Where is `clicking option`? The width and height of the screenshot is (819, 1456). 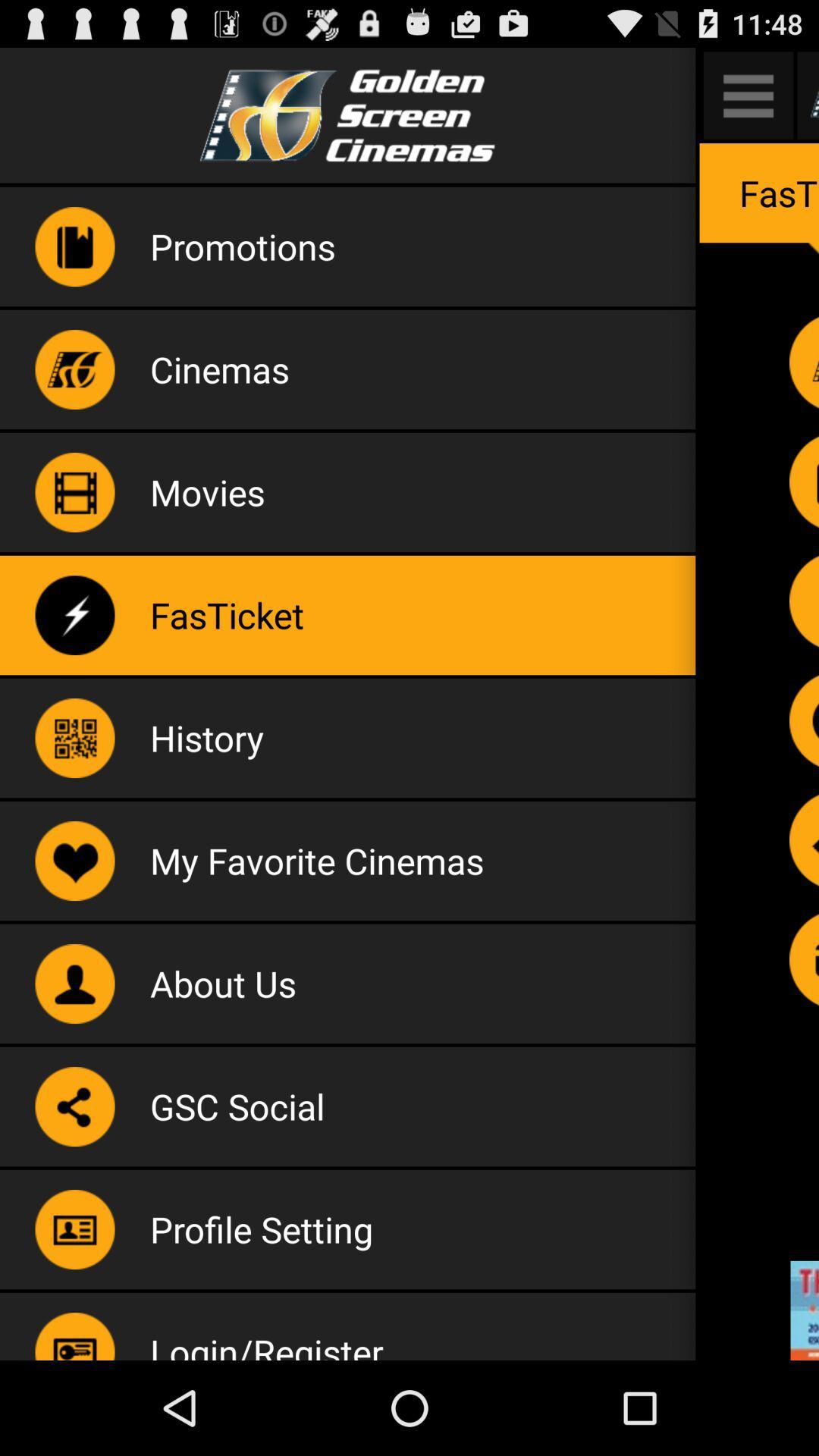
clicking option is located at coordinates (803, 720).